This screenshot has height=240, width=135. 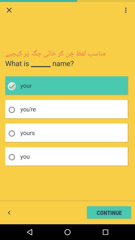 I want to click on option yours, so click(x=13, y=133).